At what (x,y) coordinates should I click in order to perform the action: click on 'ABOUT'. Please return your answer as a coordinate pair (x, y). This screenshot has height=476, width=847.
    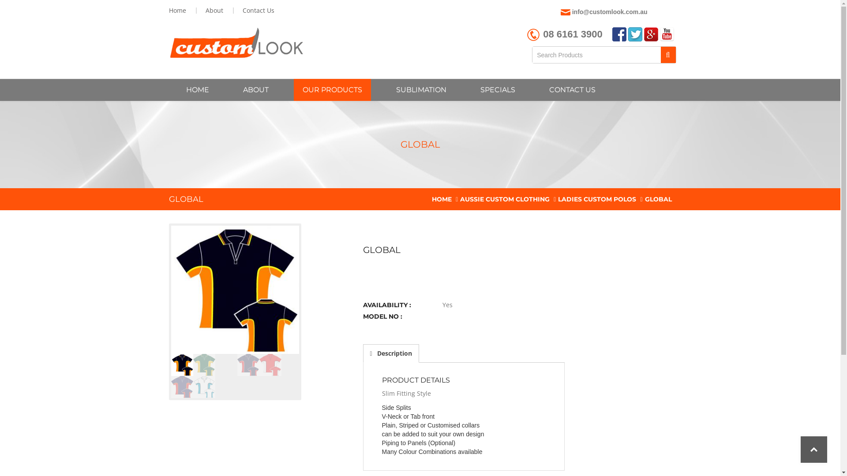
    Looking at the image, I should click on (255, 90).